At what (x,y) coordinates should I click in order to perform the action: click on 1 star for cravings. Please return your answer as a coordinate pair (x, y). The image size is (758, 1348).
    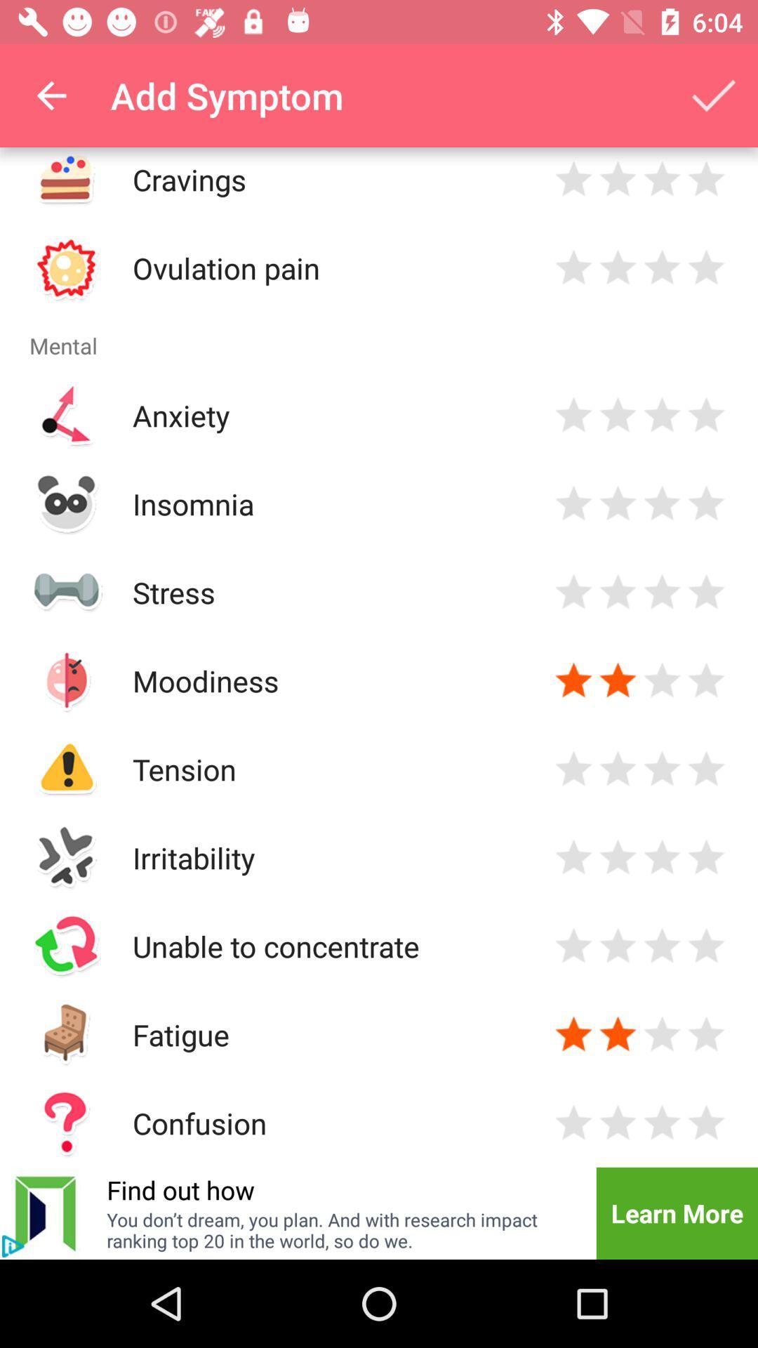
    Looking at the image, I should click on (573, 178).